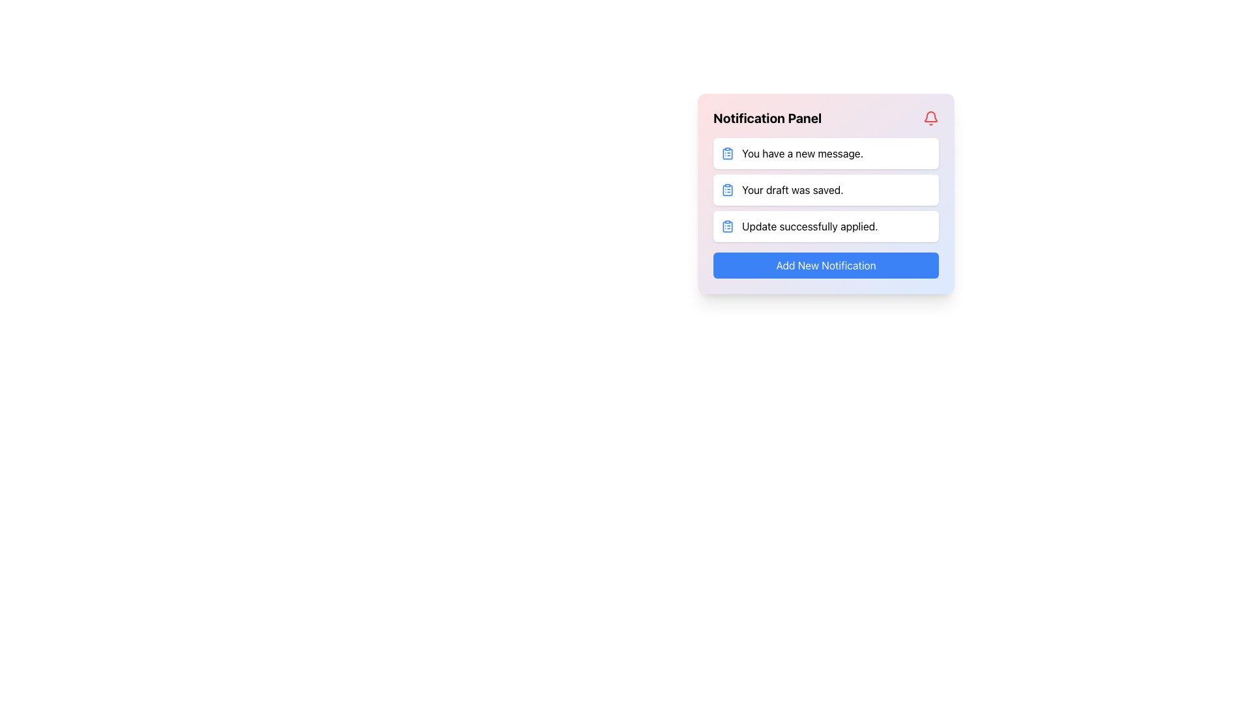 This screenshot has width=1251, height=703. Describe the element at coordinates (825, 190) in the screenshot. I see `the individual notification items in the notification panel` at that location.